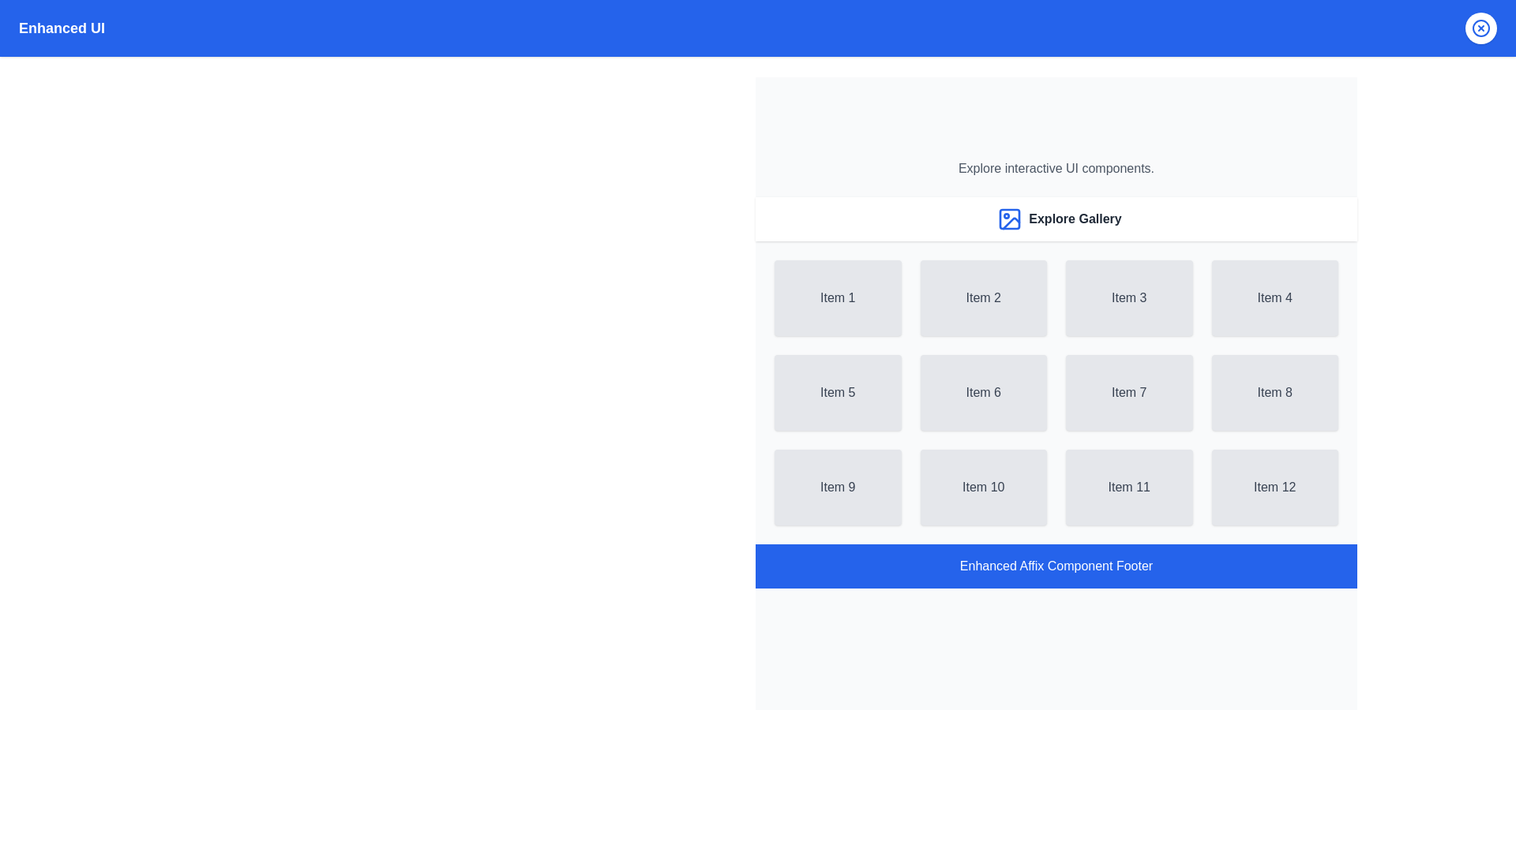  Describe the element at coordinates (1128, 298) in the screenshot. I see `the static label reading 'Item 3' in the grid block, which is a light gray rectangular element with rounded corners located in the first row and third column of the layout` at that location.